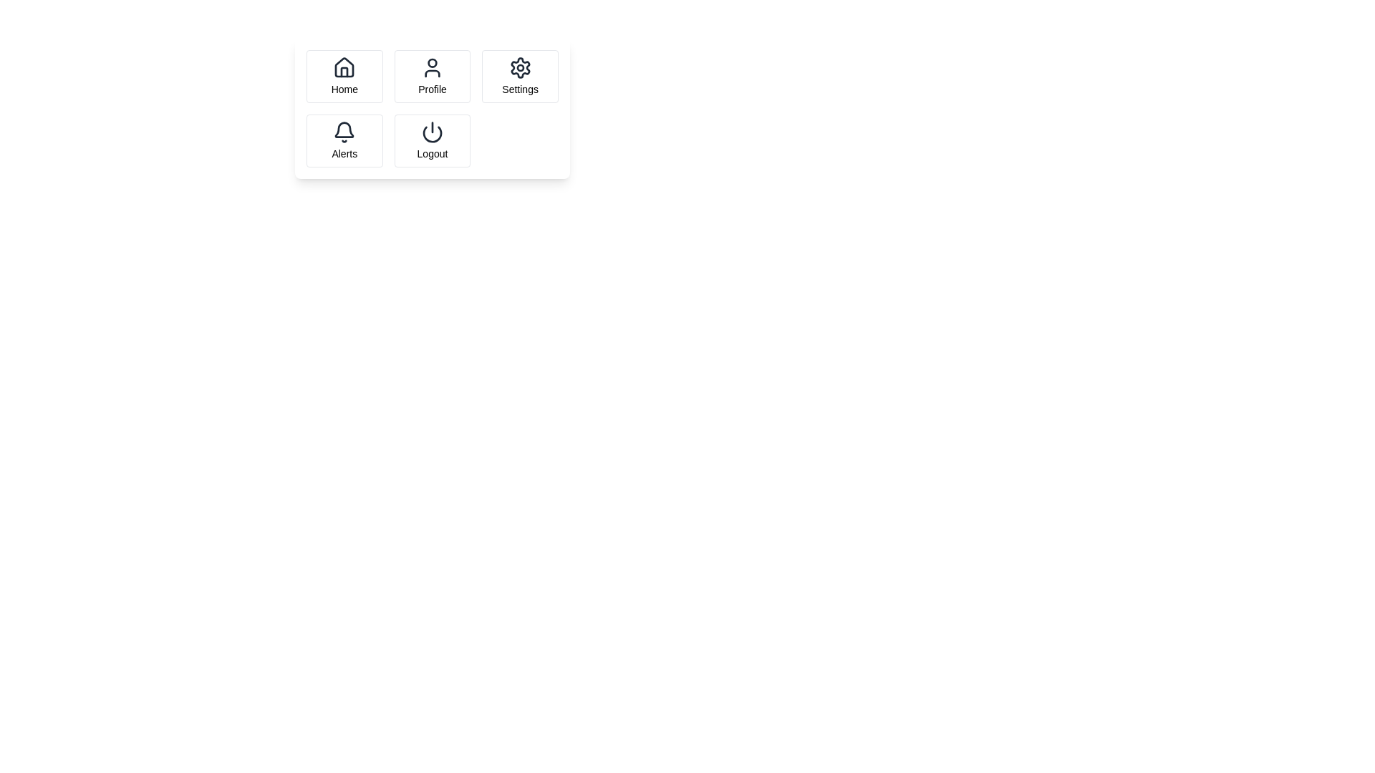 This screenshot has width=1375, height=773. What do you see at coordinates (519, 68) in the screenshot?
I see `the 'Settings' icon located` at bounding box center [519, 68].